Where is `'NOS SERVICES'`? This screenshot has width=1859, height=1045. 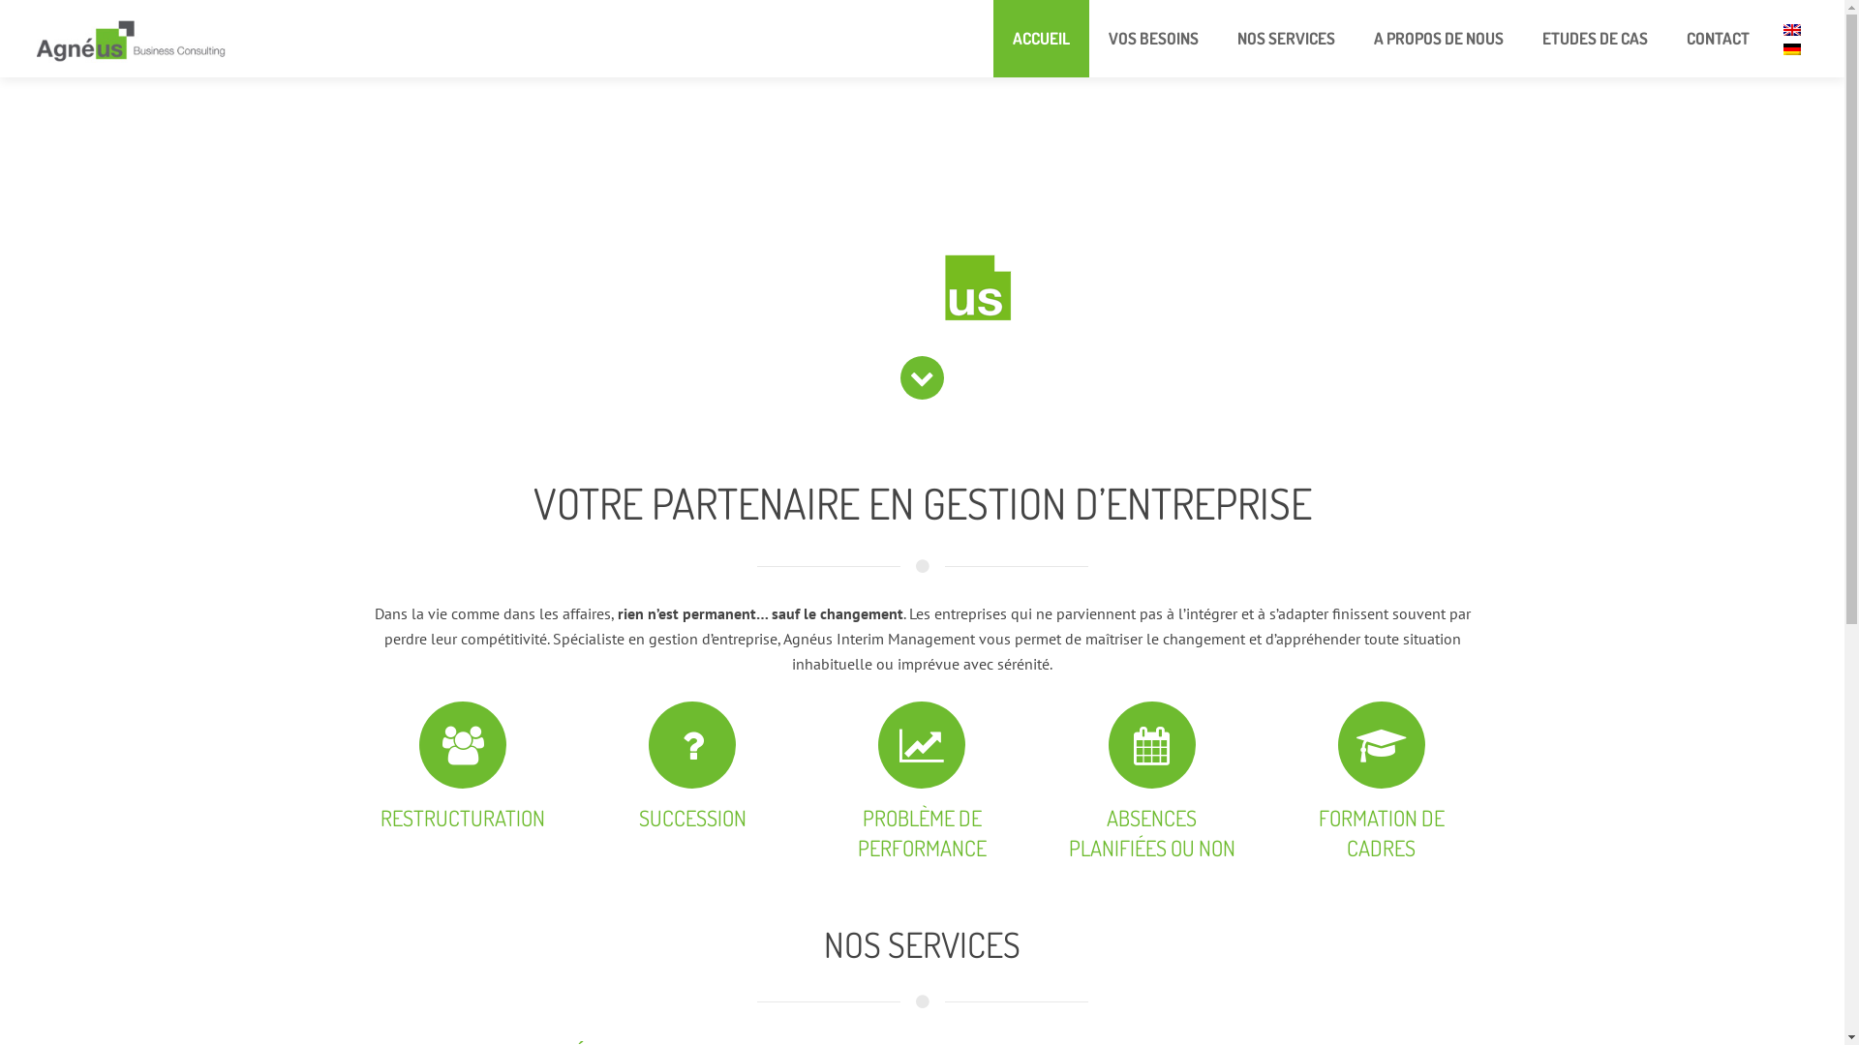
'NOS SERVICES' is located at coordinates (1286, 38).